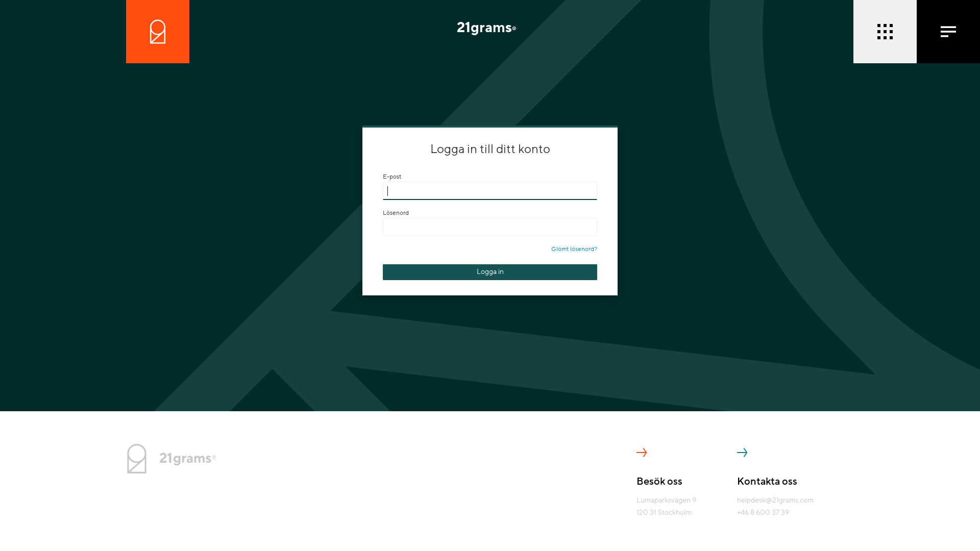  I want to click on 'Kontakta oss', so click(775, 478).